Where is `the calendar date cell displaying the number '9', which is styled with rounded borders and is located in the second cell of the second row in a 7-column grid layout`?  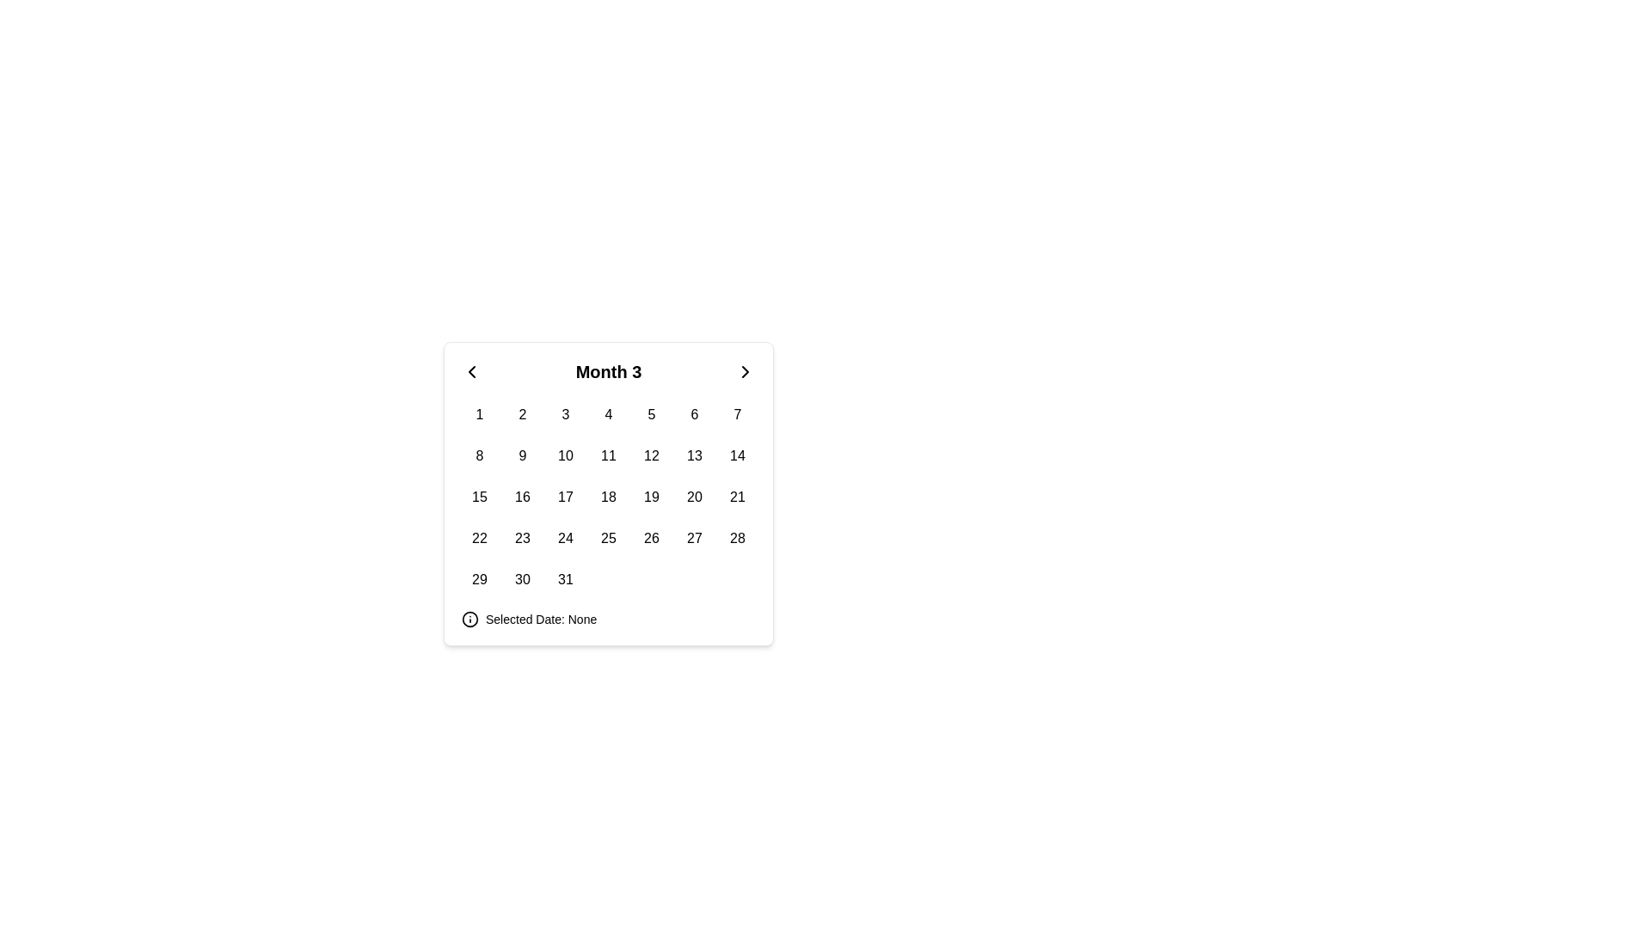 the calendar date cell displaying the number '9', which is styled with rounded borders and is located in the second cell of the second row in a 7-column grid layout is located at coordinates (522, 455).